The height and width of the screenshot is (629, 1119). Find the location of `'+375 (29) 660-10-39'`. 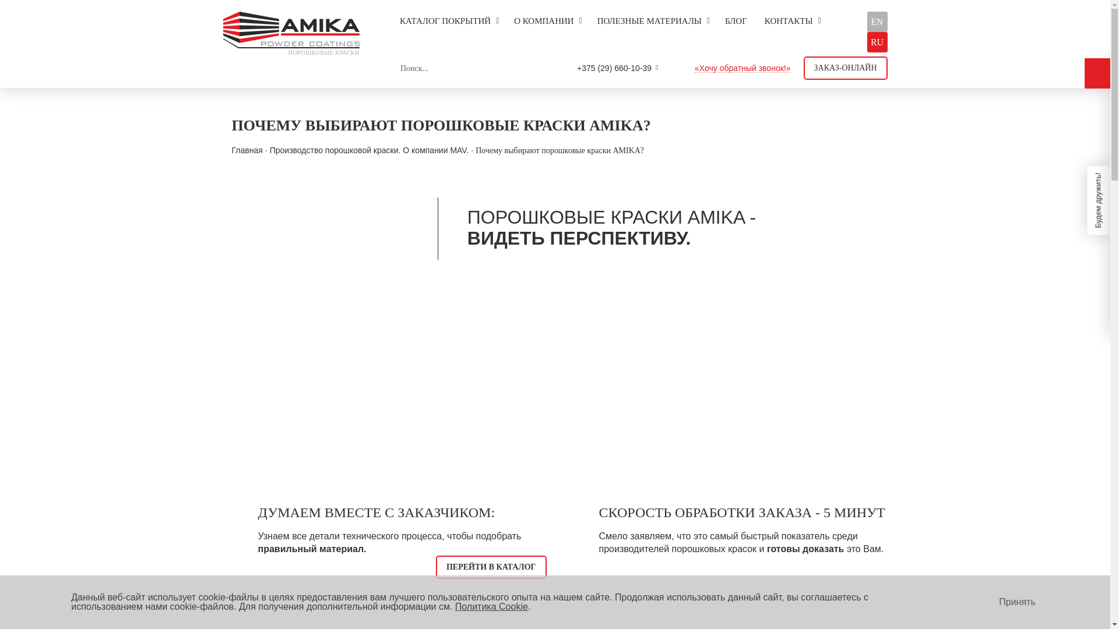

'+375 (29) 660-10-39' is located at coordinates (614, 68).